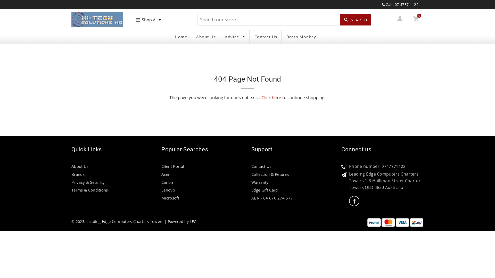  Describe the element at coordinates (167, 182) in the screenshot. I see `'Canon'` at that location.